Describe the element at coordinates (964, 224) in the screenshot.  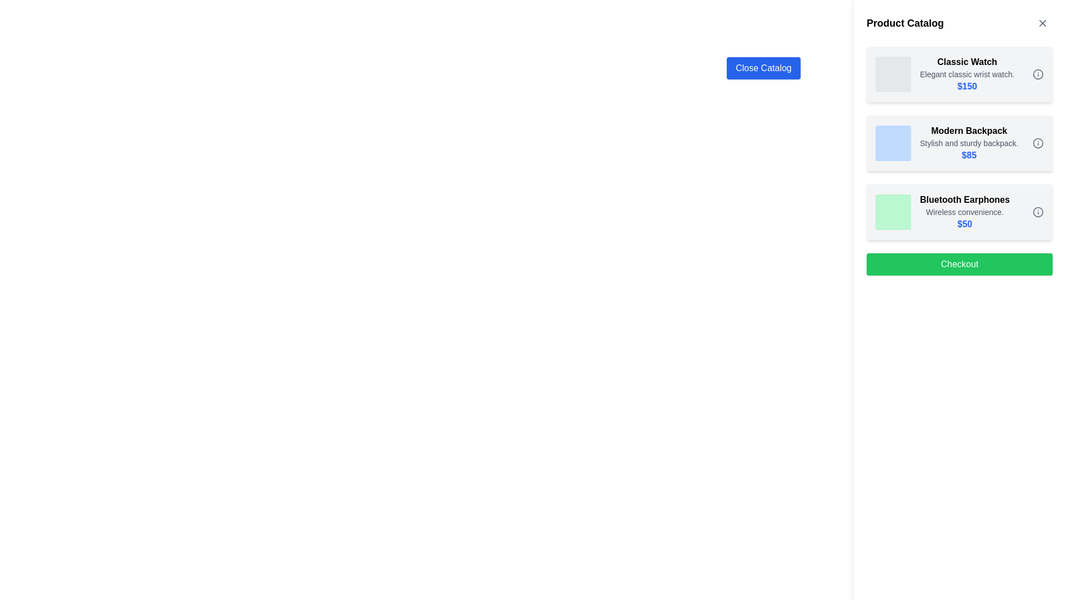
I see `the price label for 'Bluetooth Earphones', which is centrally aligned beneath the descriptive text 'Wireless convenience'` at that location.